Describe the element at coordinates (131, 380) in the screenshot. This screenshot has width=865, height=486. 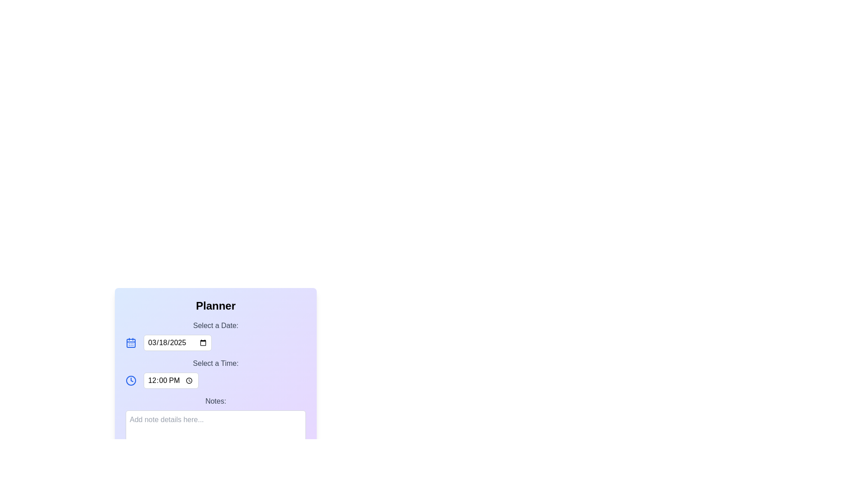
I see `the blue clock icon with a circular outline, positioned to the left of the time input field labeled '12:00 PM' in the 'Select a Time' section of the planner interface` at that location.